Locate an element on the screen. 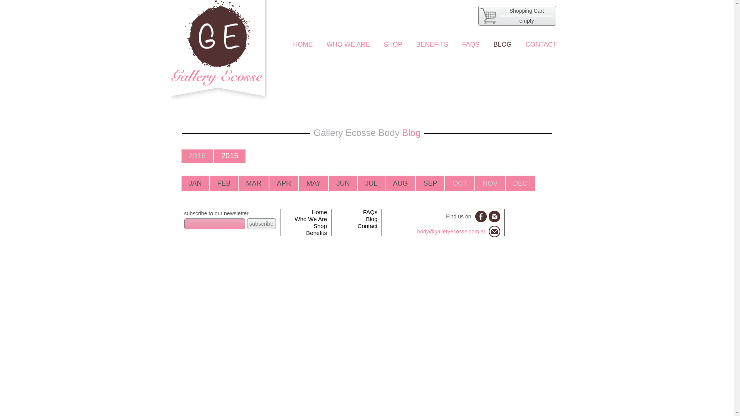  'Gallery Ecosse | instagram' is located at coordinates (494, 216).